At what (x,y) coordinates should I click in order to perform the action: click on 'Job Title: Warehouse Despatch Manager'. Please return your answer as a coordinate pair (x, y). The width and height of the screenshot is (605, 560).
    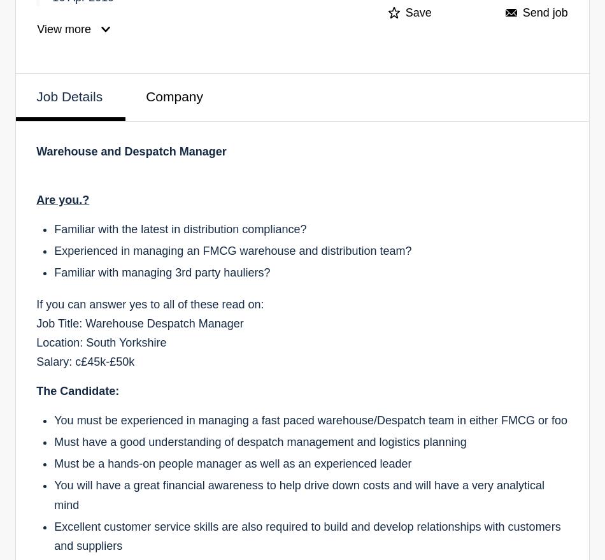
    Looking at the image, I should click on (139, 322).